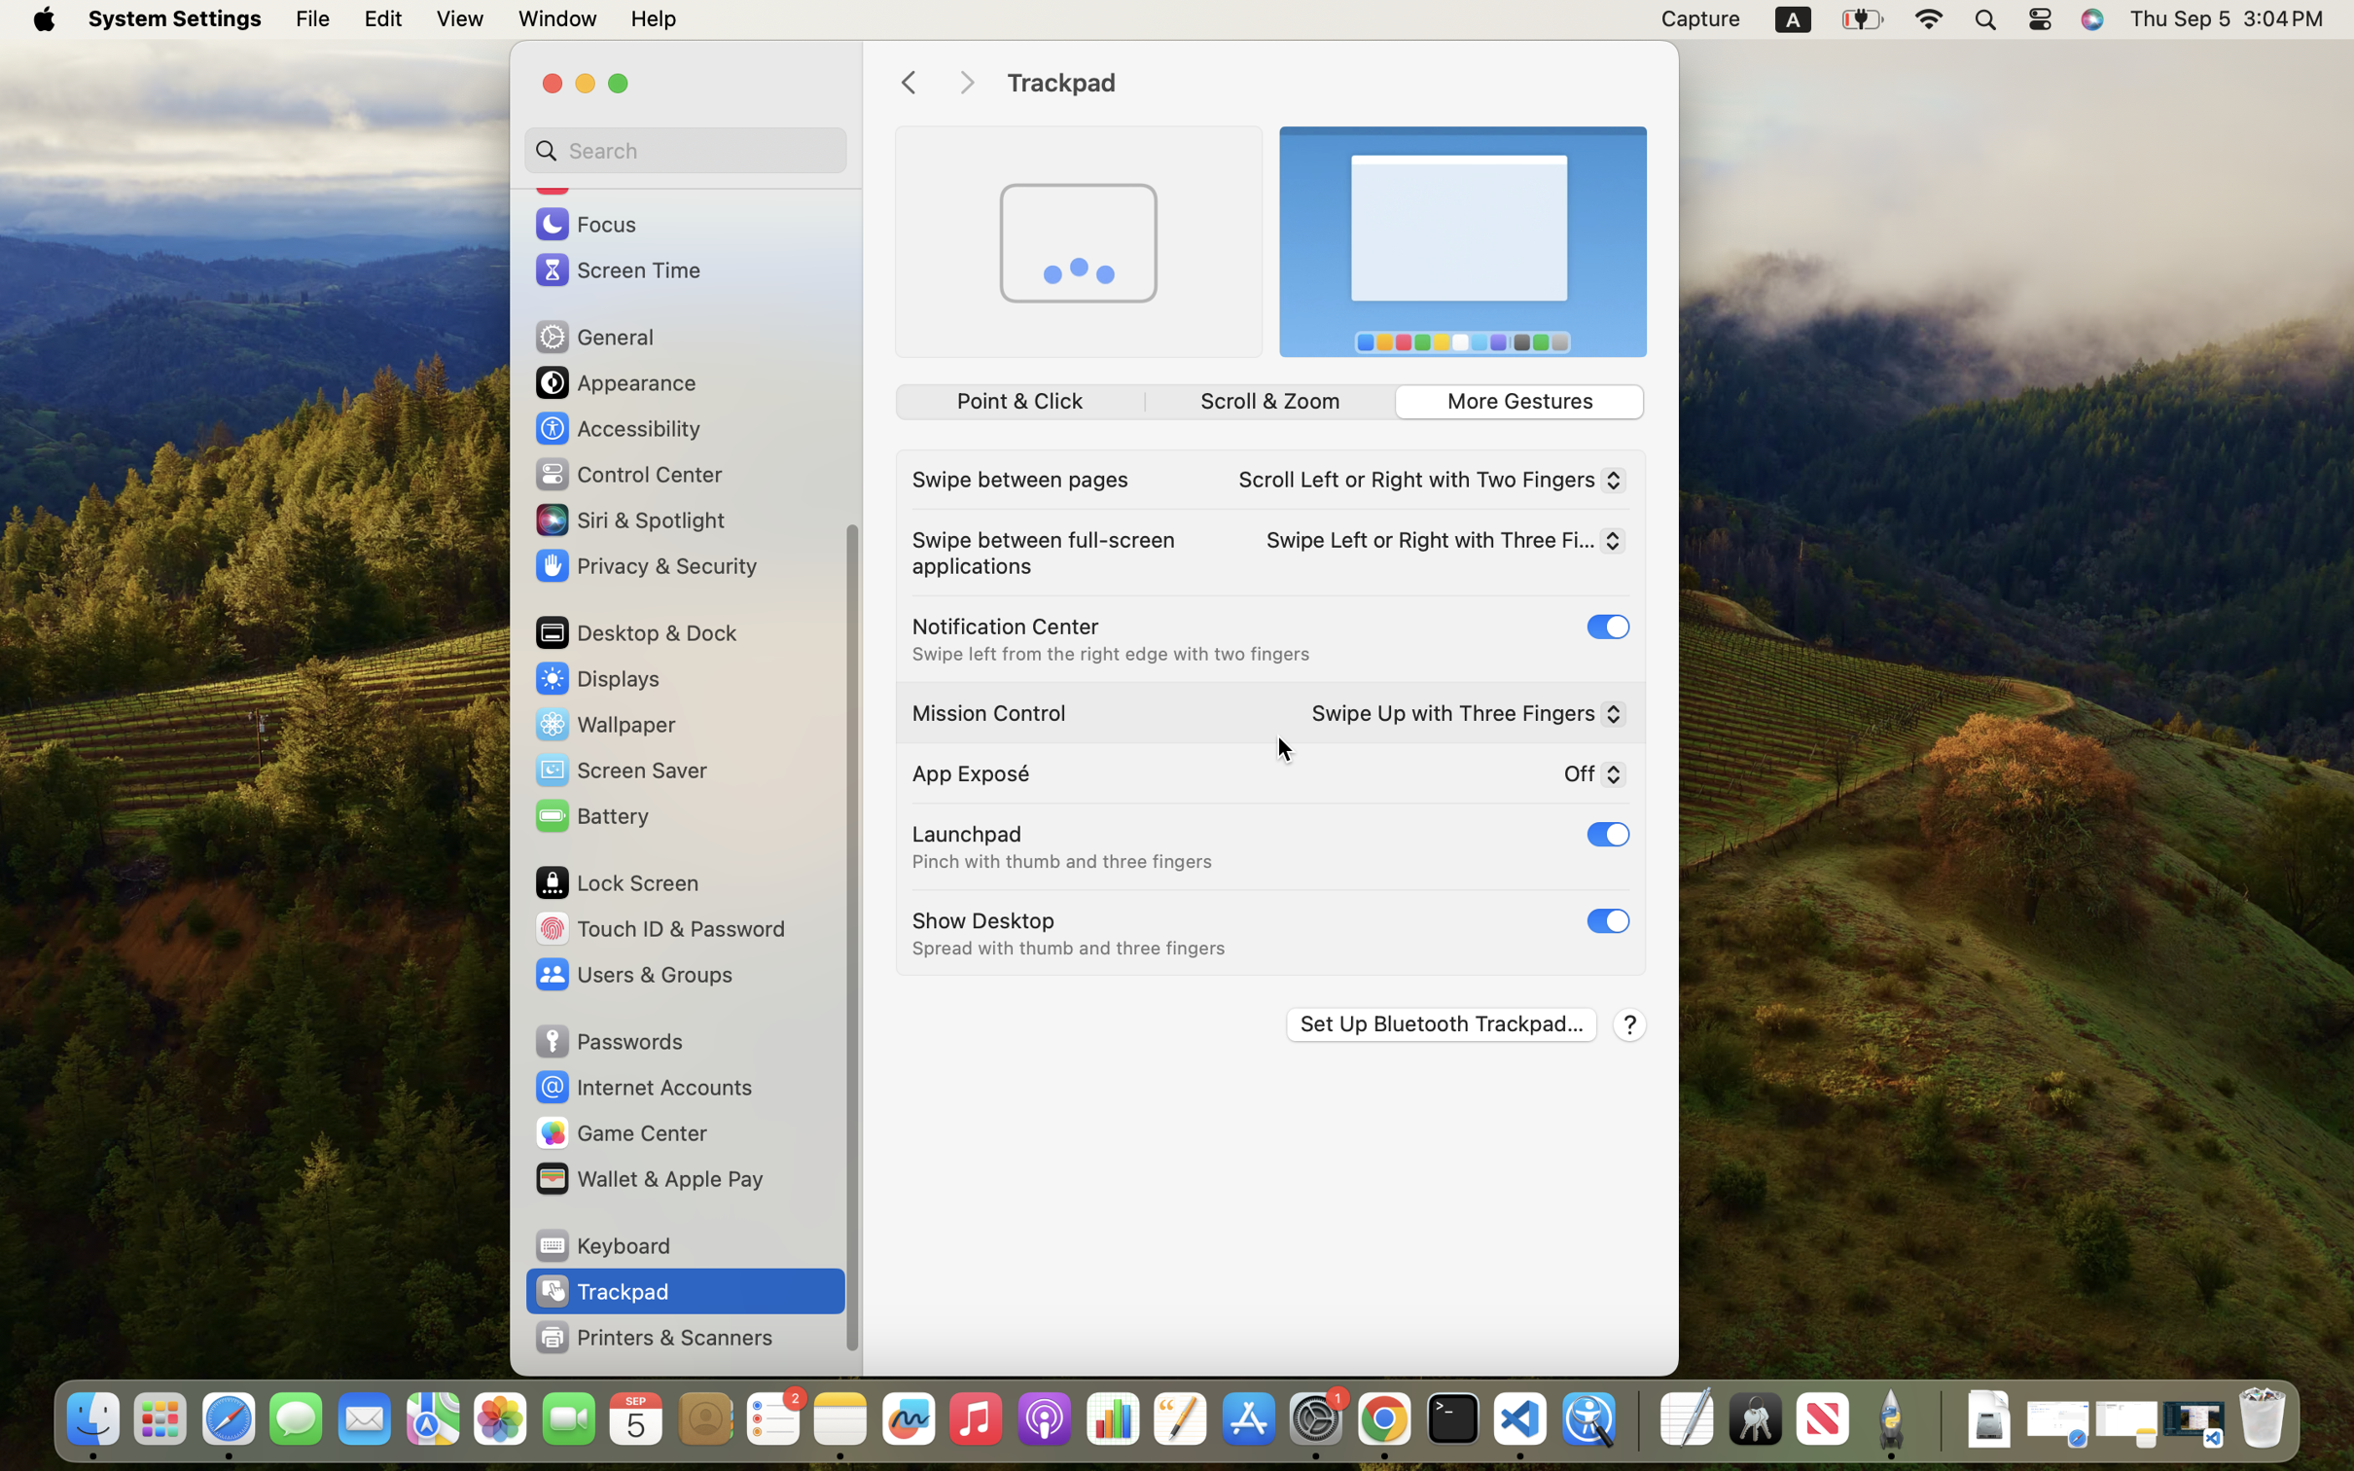 This screenshot has height=1471, width=2354. What do you see at coordinates (635, 631) in the screenshot?
I see `'Desktop & Dock'` at bounding box center [635, 631].